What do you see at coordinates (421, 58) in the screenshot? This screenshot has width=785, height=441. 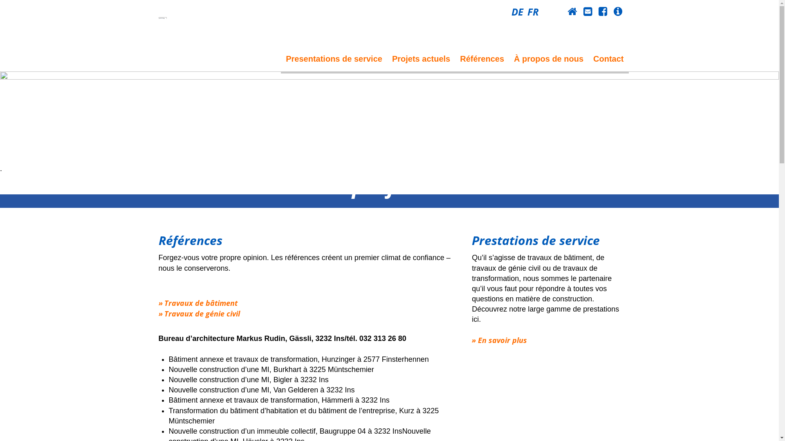 I see `'Projets actuels'` at bounding box center [421, 58].